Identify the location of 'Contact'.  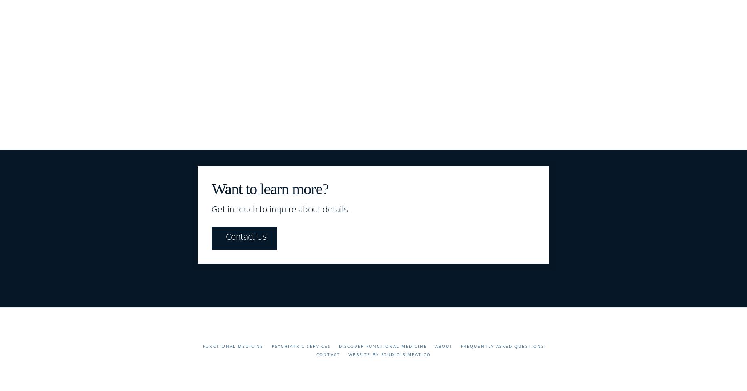
(328, 354).